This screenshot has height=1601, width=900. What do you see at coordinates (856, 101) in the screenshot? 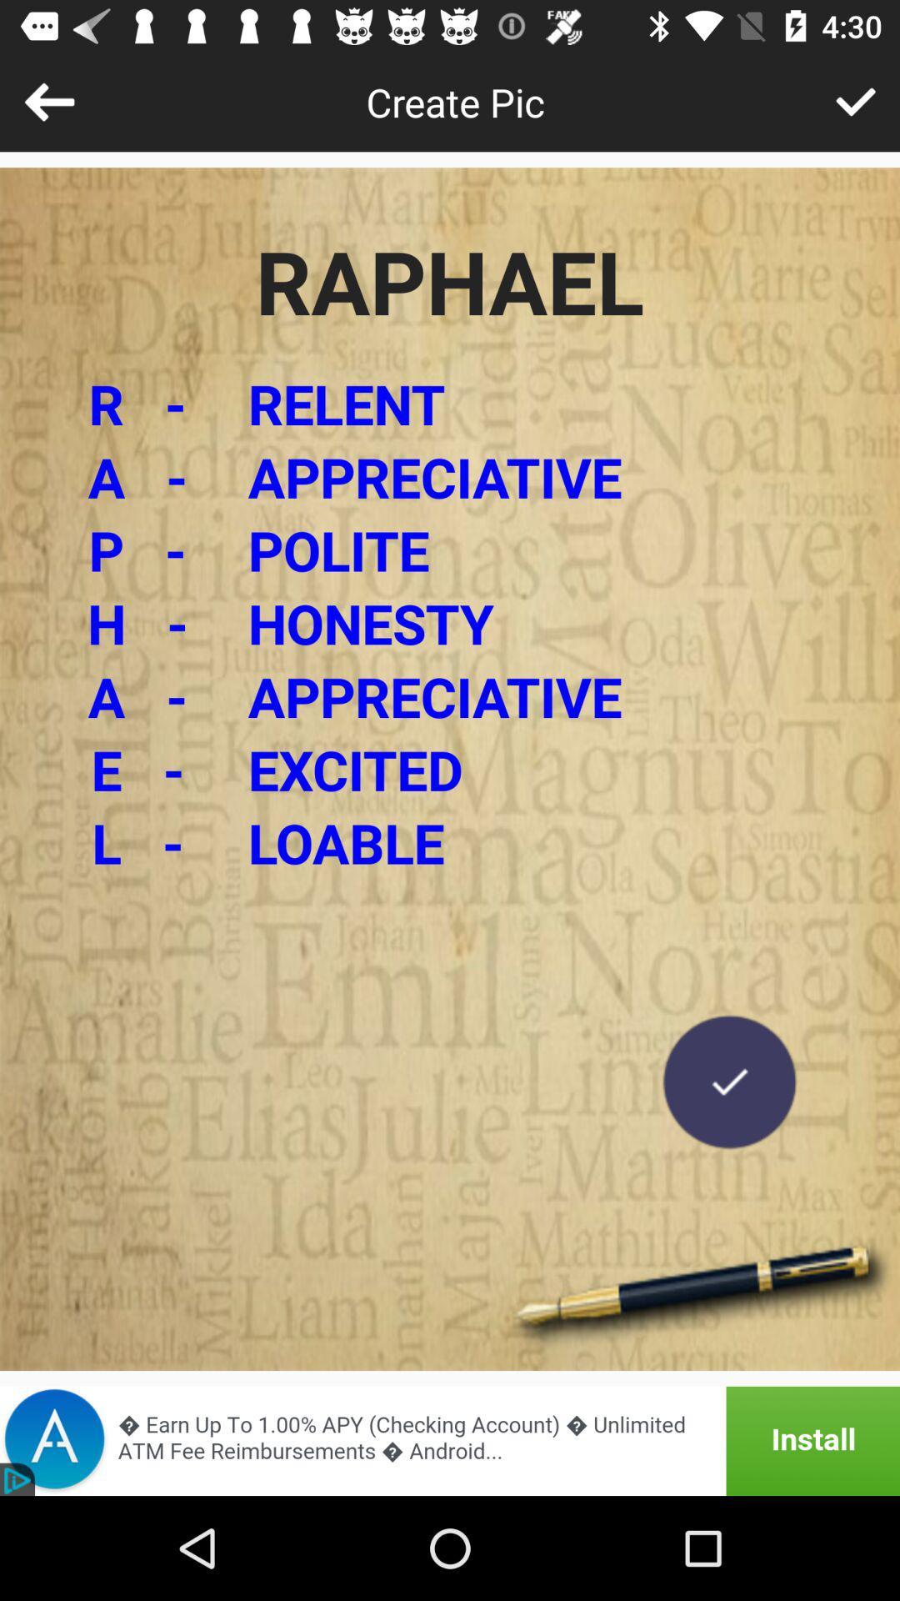
I see `choose the dick option` at bounding box center [856, 101].